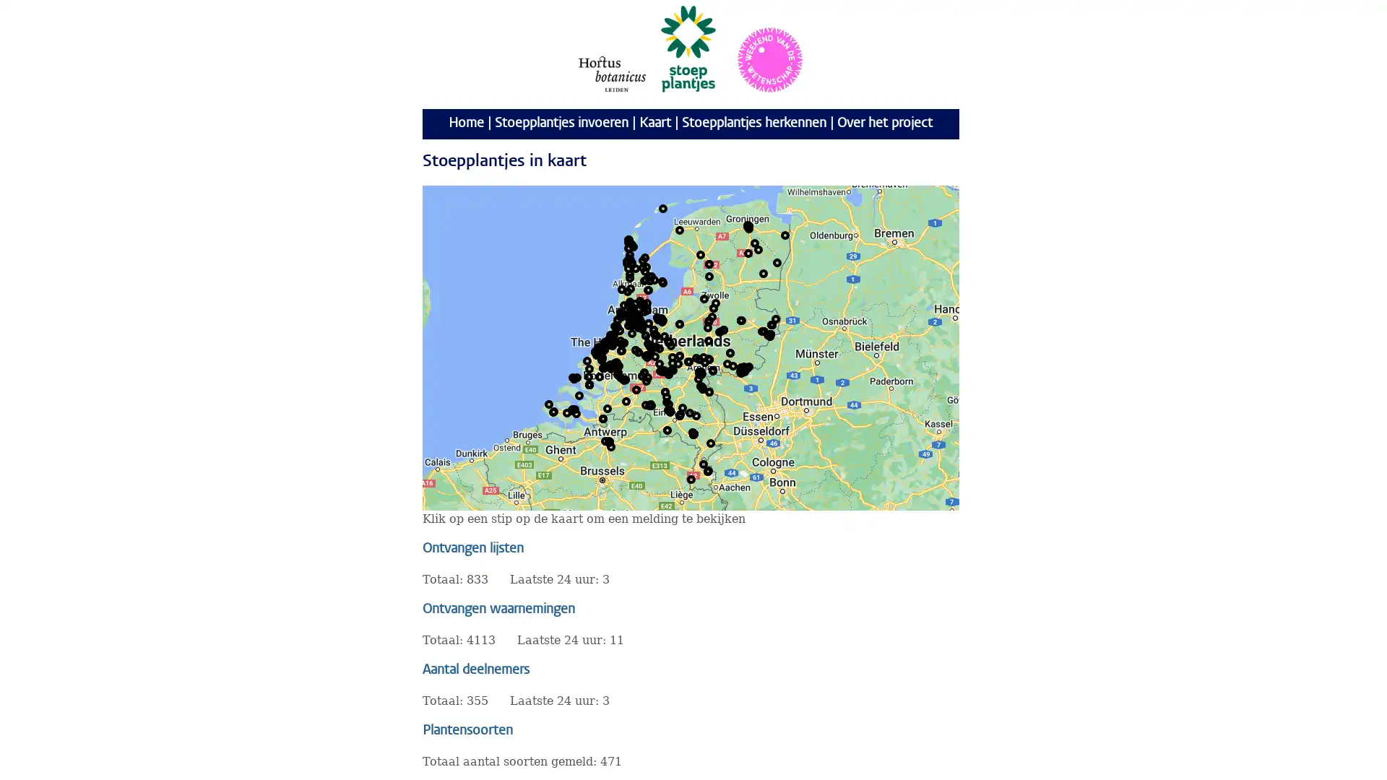  I want to click on Telling van op 05 oktober 2021, so click(631, 316).